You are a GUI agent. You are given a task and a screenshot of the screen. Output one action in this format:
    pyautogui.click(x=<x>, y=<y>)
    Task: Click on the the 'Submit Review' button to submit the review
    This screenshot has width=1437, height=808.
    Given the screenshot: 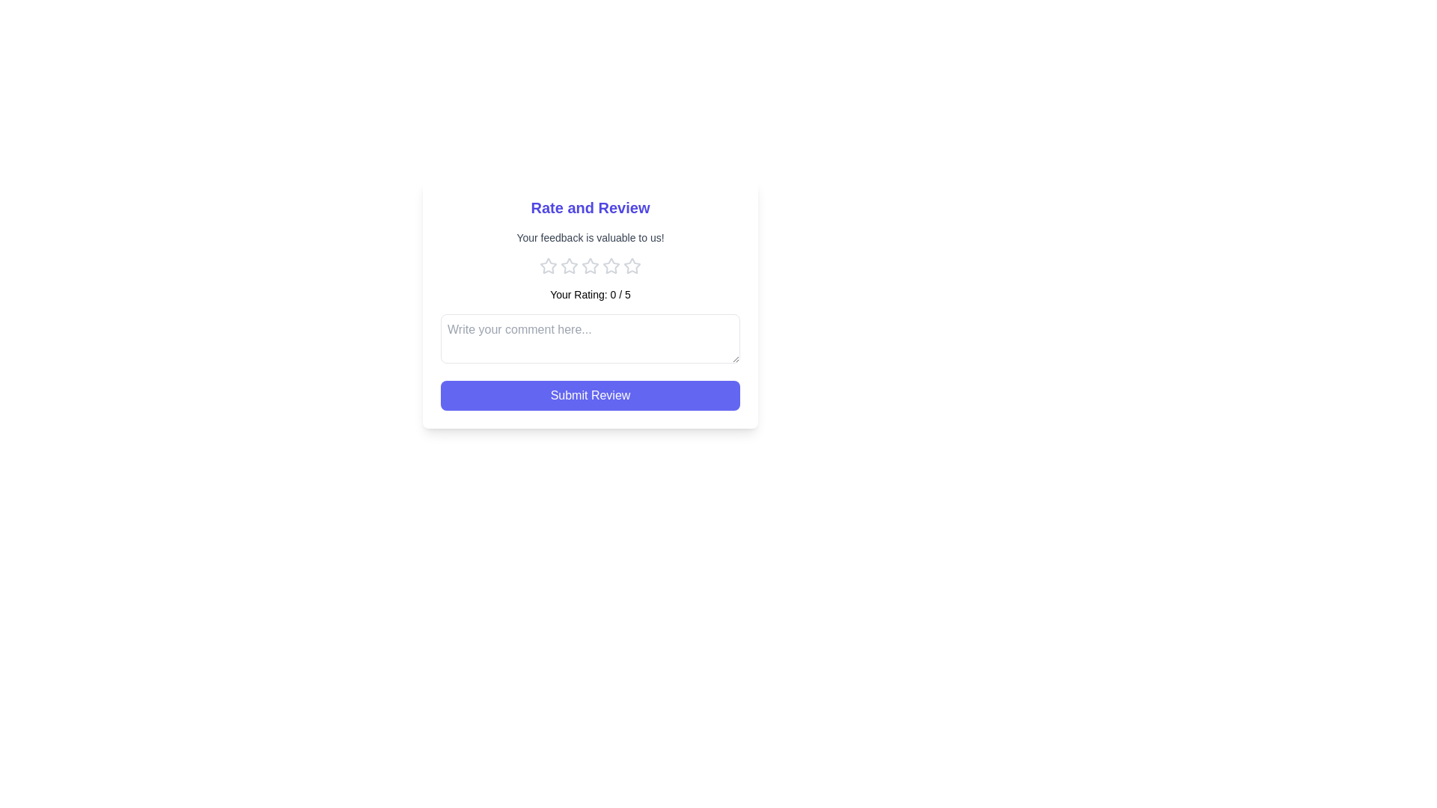 What is the action you would take?
    pyautogui.click(x=589, y=394)
    